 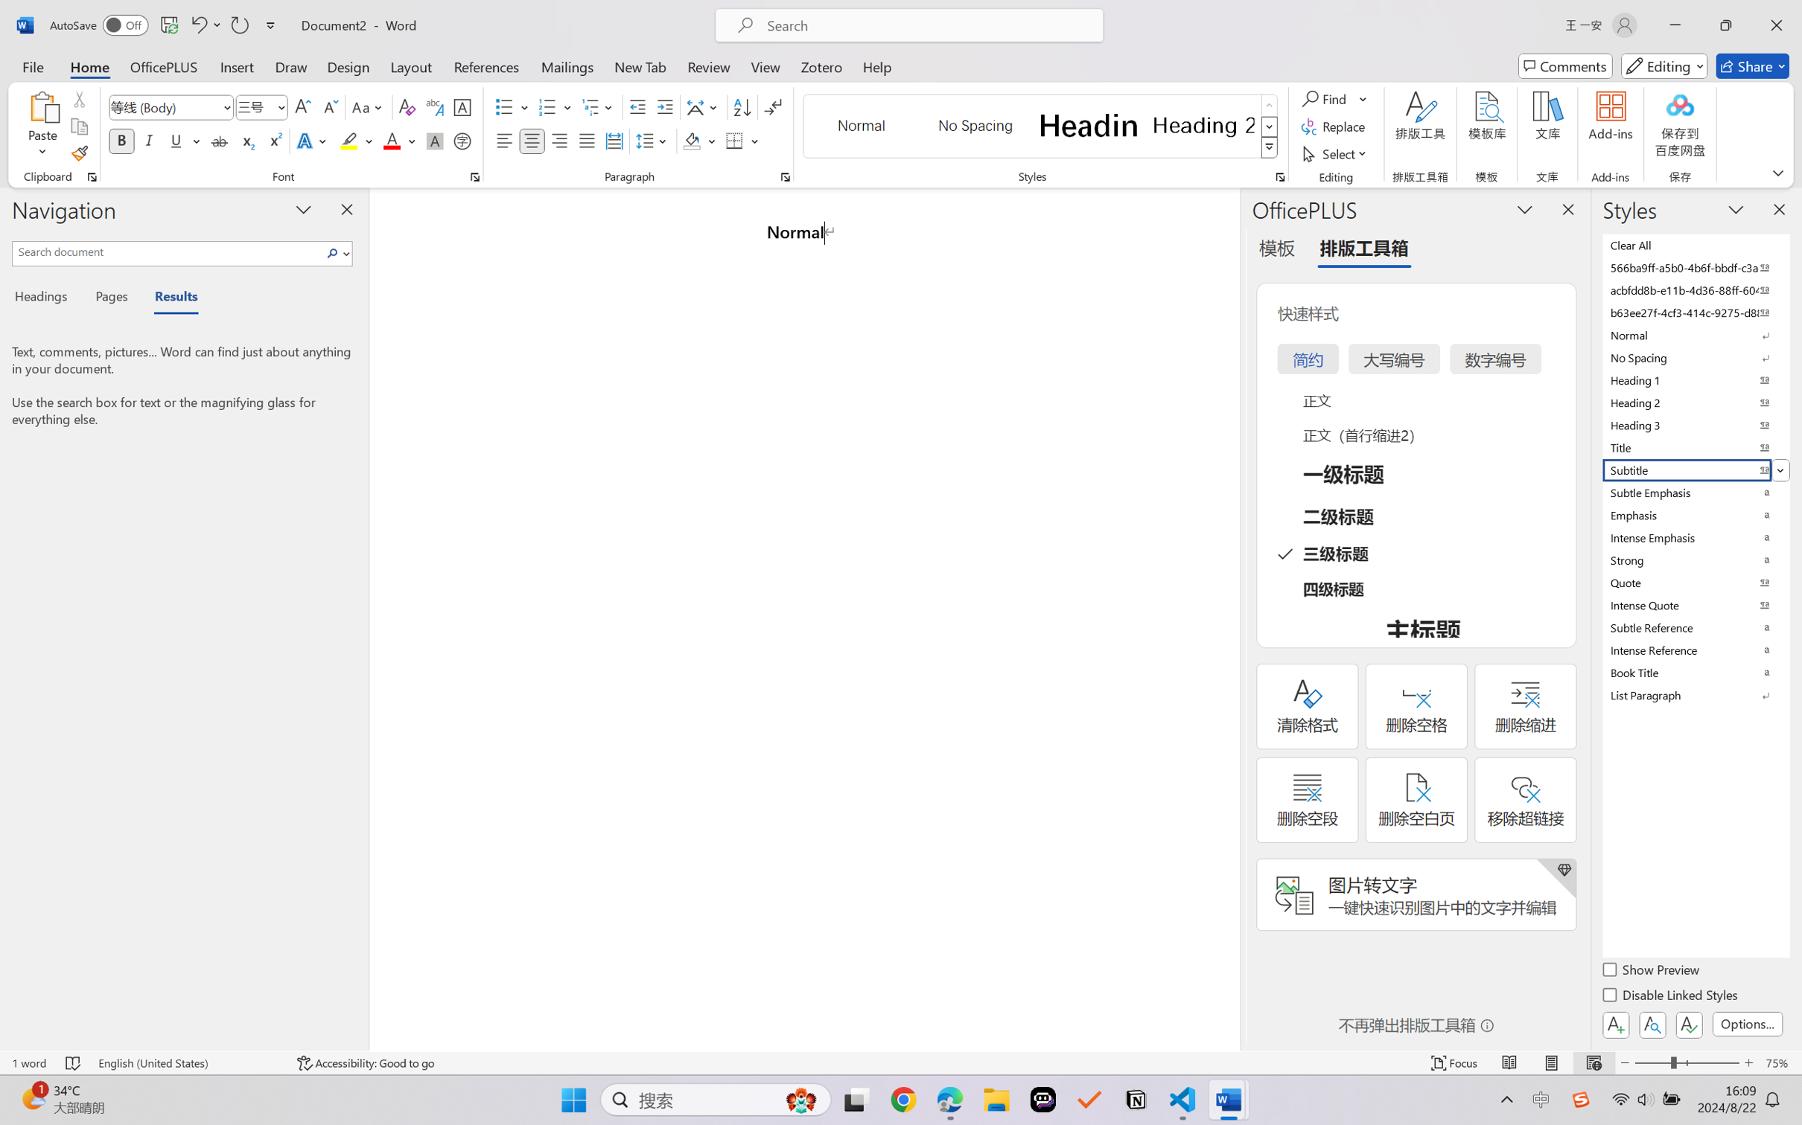 I want to click on 'Subtitle', so click(x=1694, y=469).